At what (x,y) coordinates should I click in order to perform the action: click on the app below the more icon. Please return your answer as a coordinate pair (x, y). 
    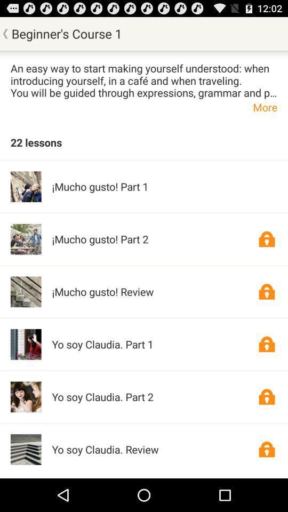
    Looking at the image, I should click on (36, 141).